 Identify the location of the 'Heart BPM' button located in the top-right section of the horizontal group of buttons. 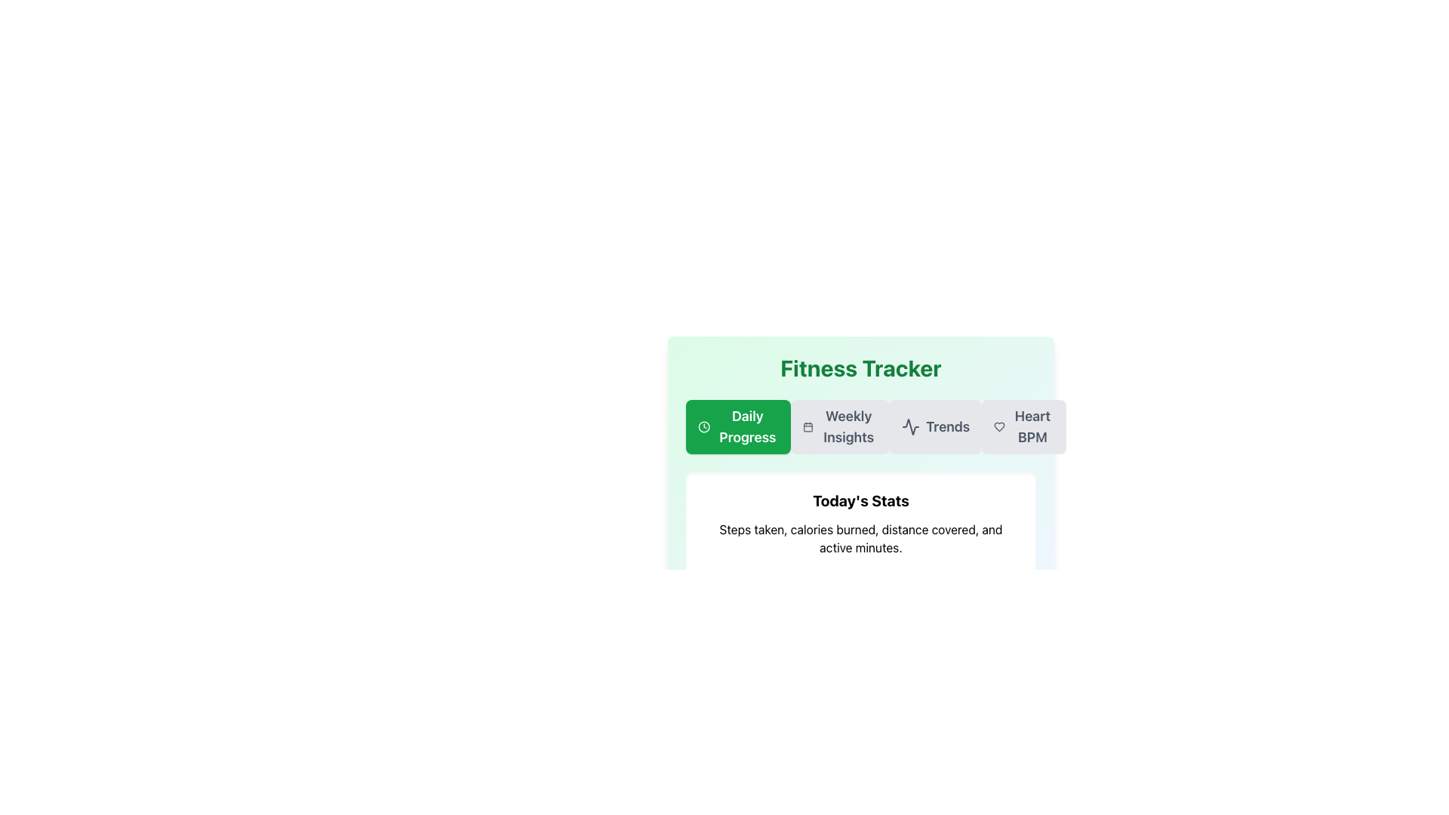
(1023, 427).